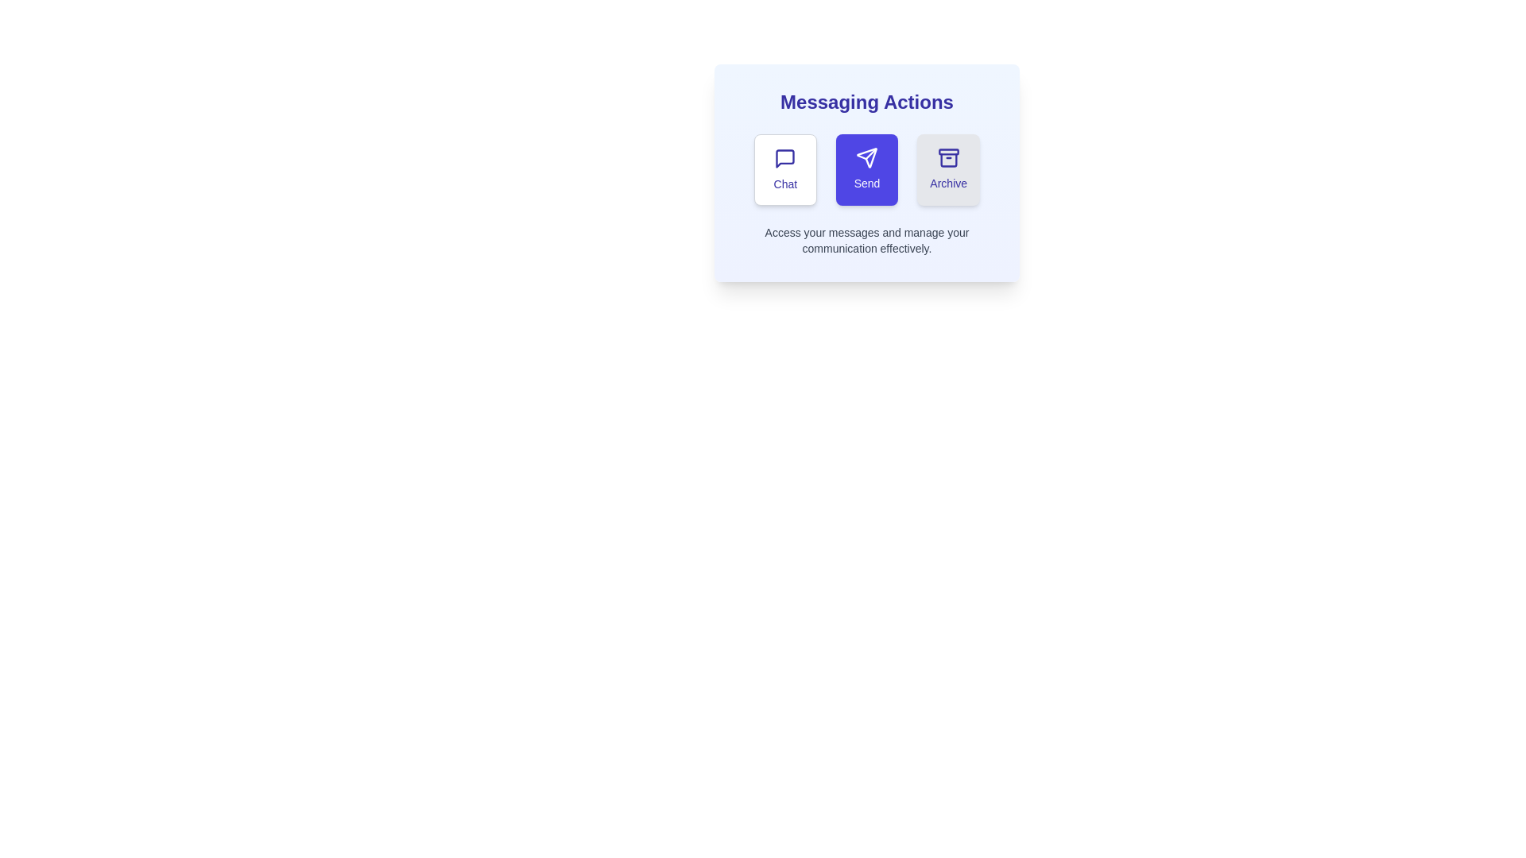  I want to click on the archive icon located inside the 'Archive' box, which is the rightmost element in the row of action buttons, so click(948, 158).